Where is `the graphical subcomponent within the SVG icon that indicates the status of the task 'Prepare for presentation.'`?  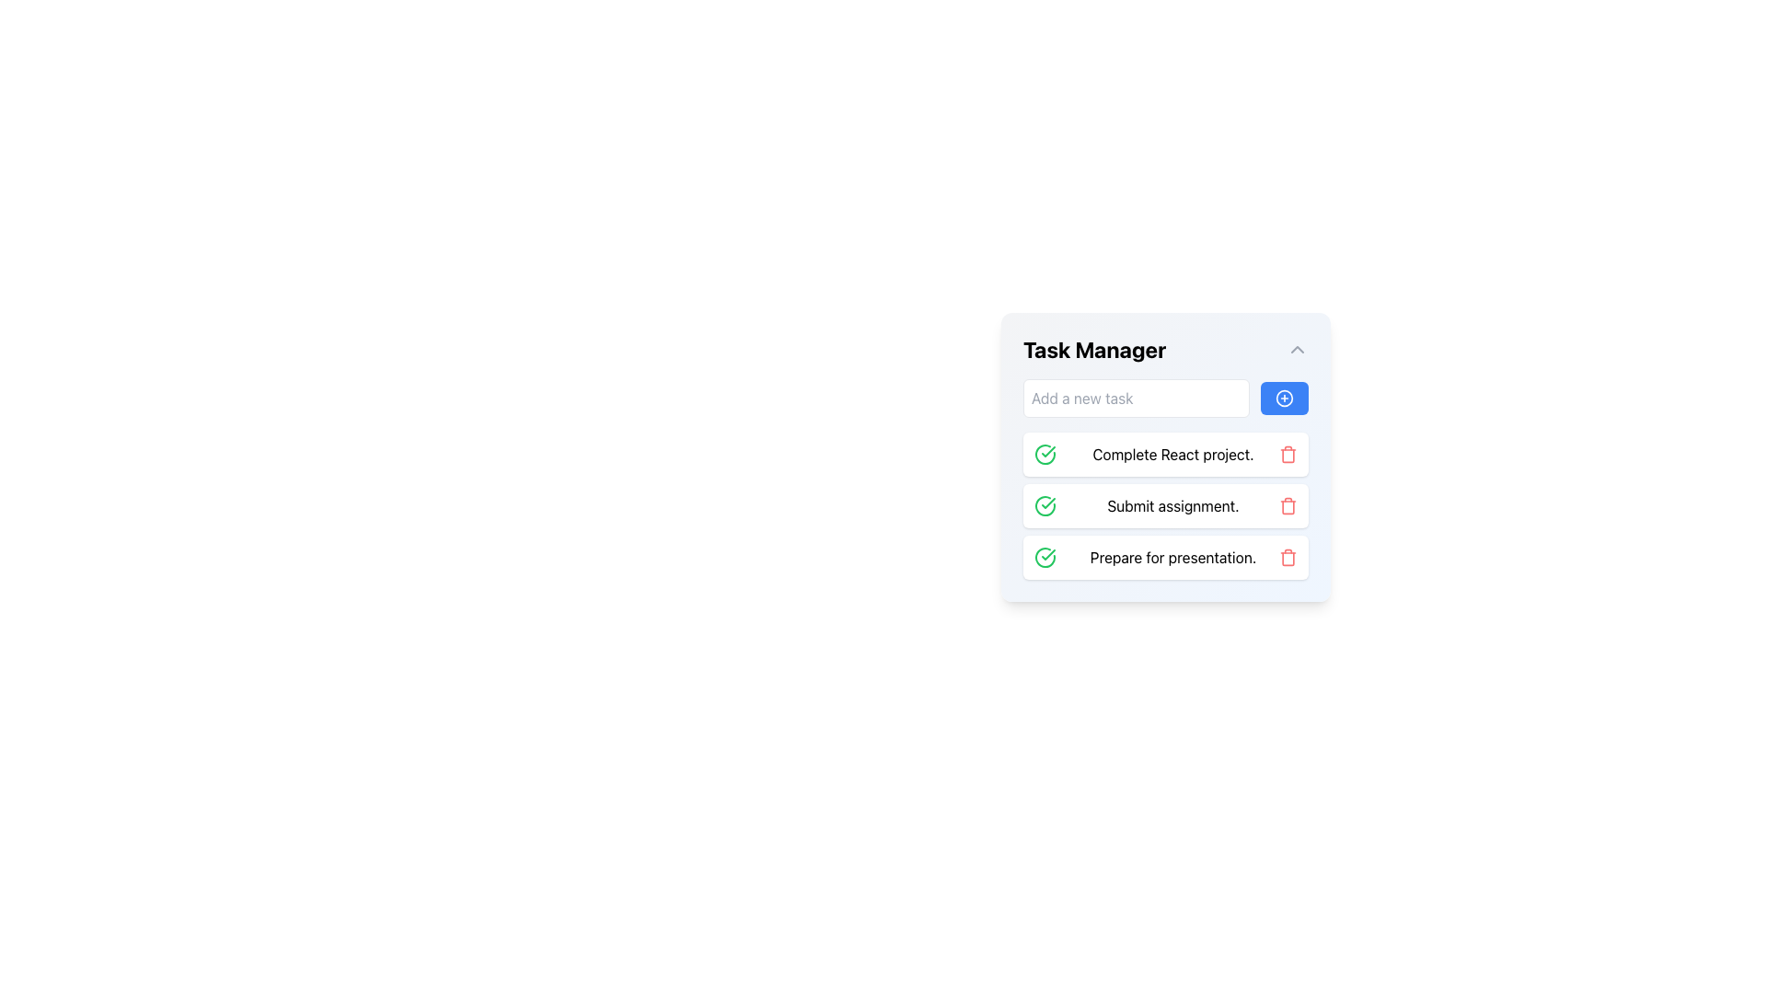
the graphical subcomponent within the SVG icon that indicates the status of the task 'Prepare for presentation.' is located at coordinates (1045, 556).